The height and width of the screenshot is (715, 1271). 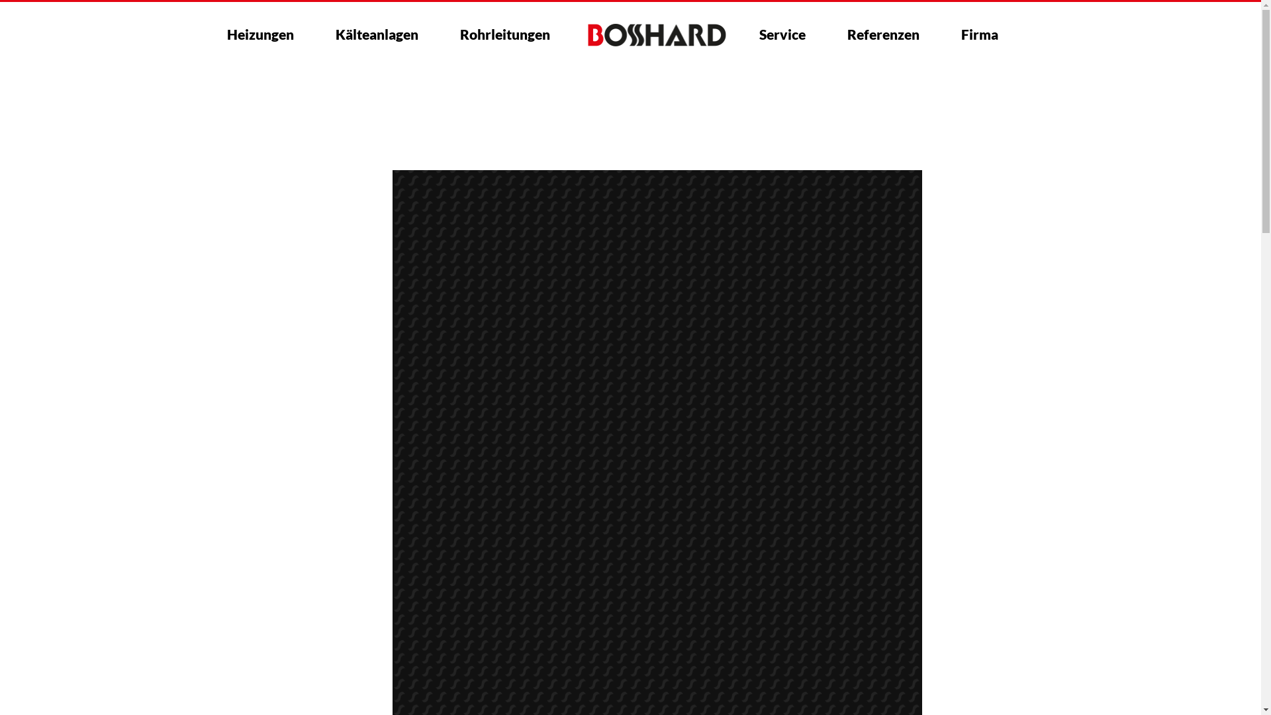 I want to click on 'Rohrleitungen', so click(x=504, y=33).